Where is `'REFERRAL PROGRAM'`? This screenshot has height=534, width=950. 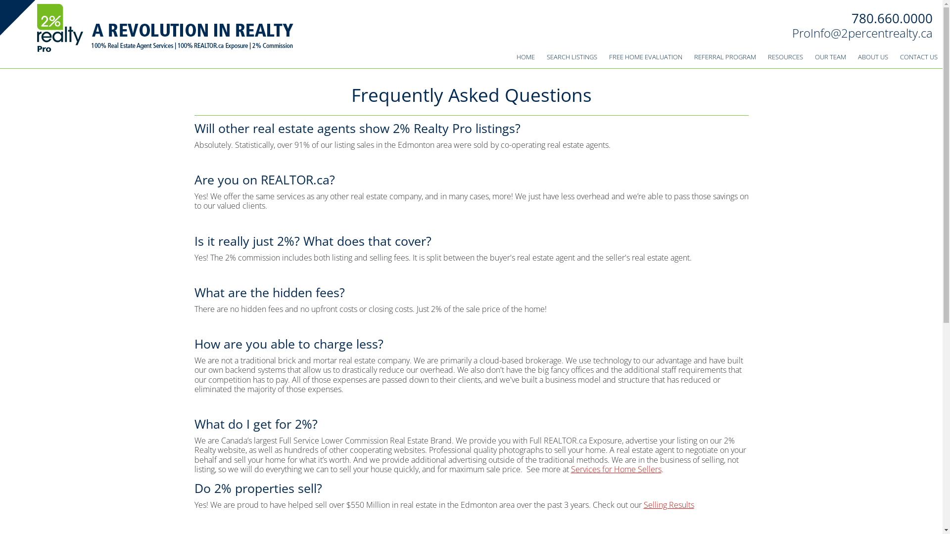 'REFERRAL PROGRAM' is located at coordinates (725, 57).